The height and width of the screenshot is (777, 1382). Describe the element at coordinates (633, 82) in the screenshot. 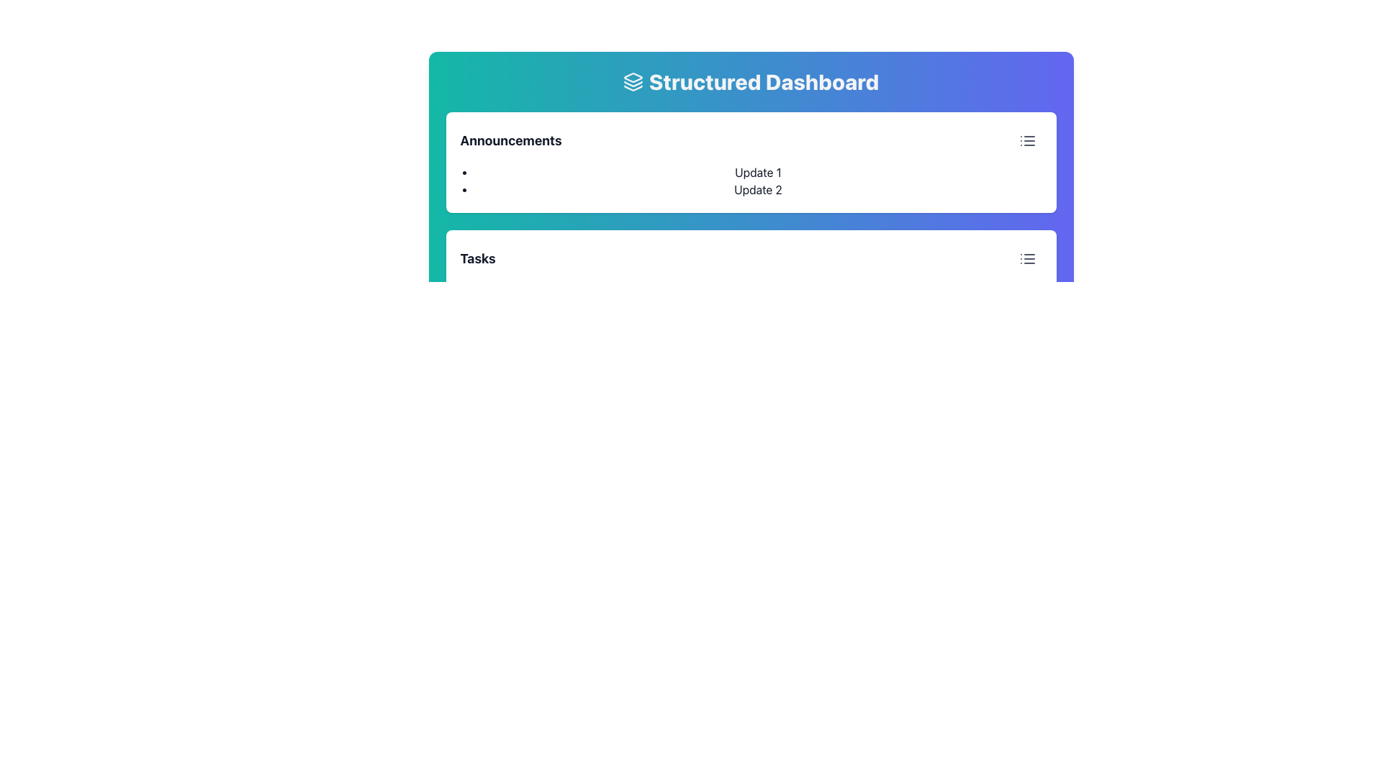

I see `the small icon resembling a stack of layers located to the left of the text 'Structured Dashboard' in the dashboard header` at that location.